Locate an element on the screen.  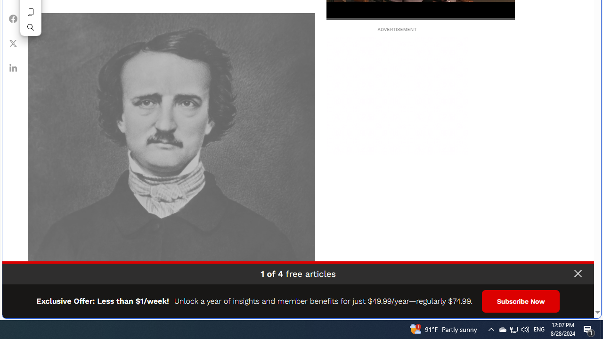
'Tray Input Indicator - English (United States)' is located at coordinates (539, 329).